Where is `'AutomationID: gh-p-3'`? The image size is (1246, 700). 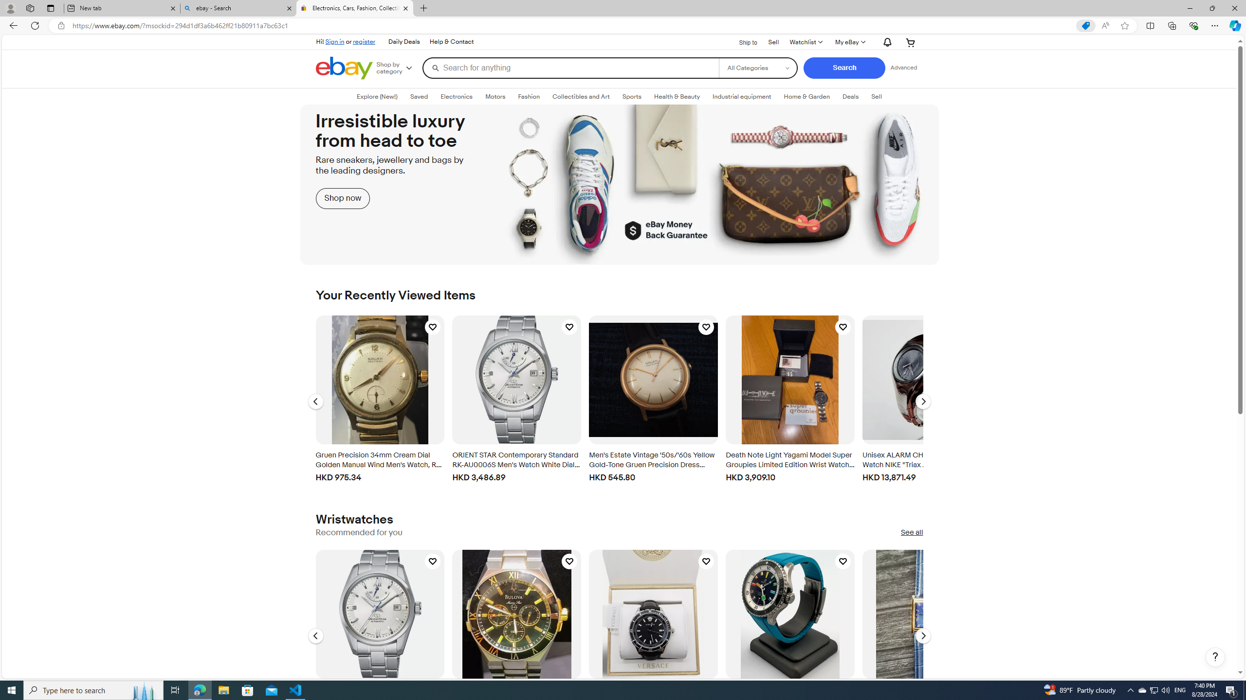
'AutomationID: gh-p-3' is located at coordinates (450, 41).